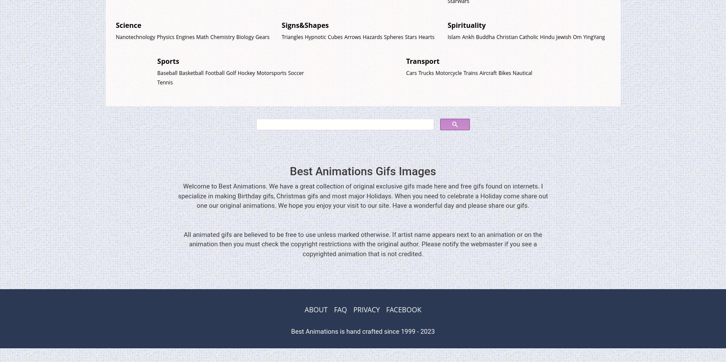  What do you see at coordinates (454, 36) in the screenshot?
I see `'Islam'` at bounding box center [454, 36].